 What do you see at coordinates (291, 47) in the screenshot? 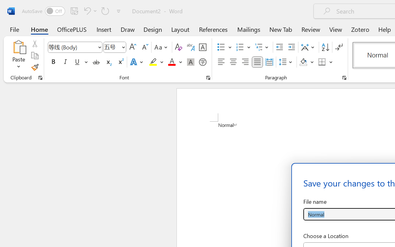
I see `'Increase Indent'` at bounding box center [291, 47].